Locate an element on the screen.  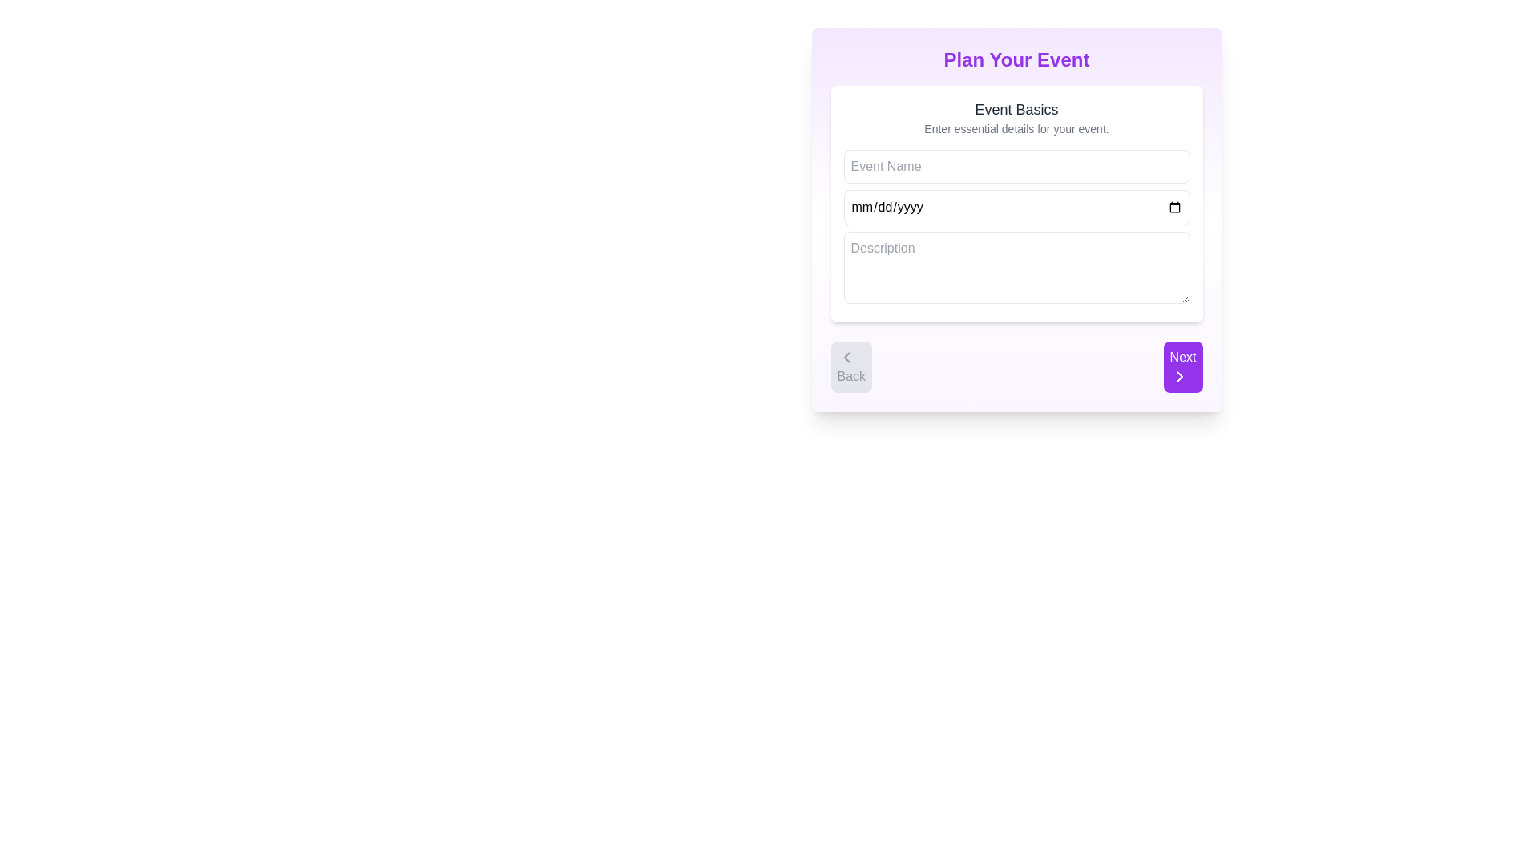
the right-facing chevron icon located inside the 'Next' button in the lower-right corner of the interface is located at coordinates (1179, 377).